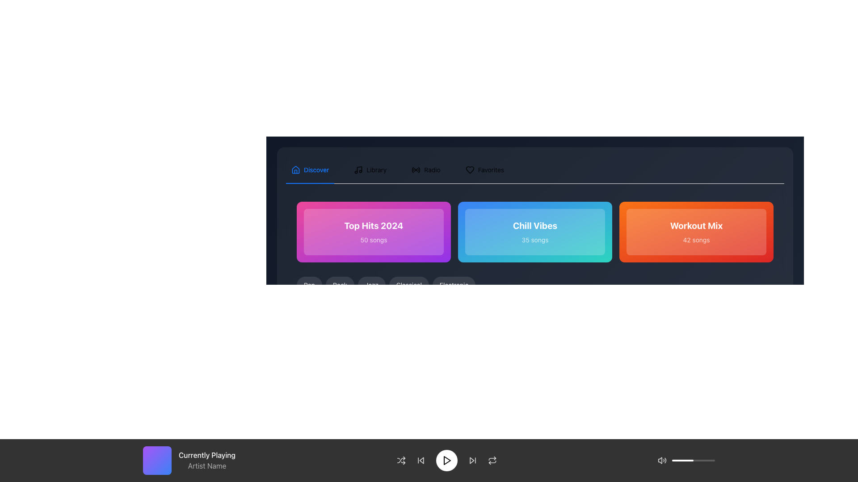 The height and width of the screenshot is (482, 858). I want to click on the slider position, so click(678, 461).